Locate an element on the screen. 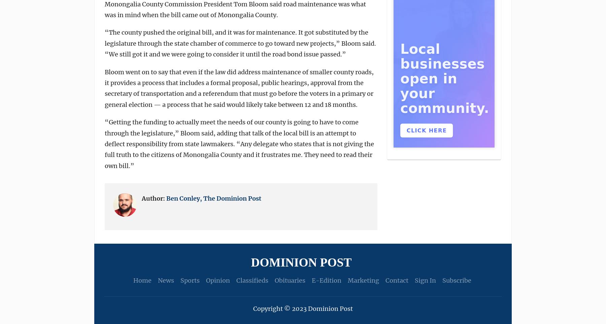 This screenshot has height=324, width=606. 'Sports' is located at coordinates (179, 280).